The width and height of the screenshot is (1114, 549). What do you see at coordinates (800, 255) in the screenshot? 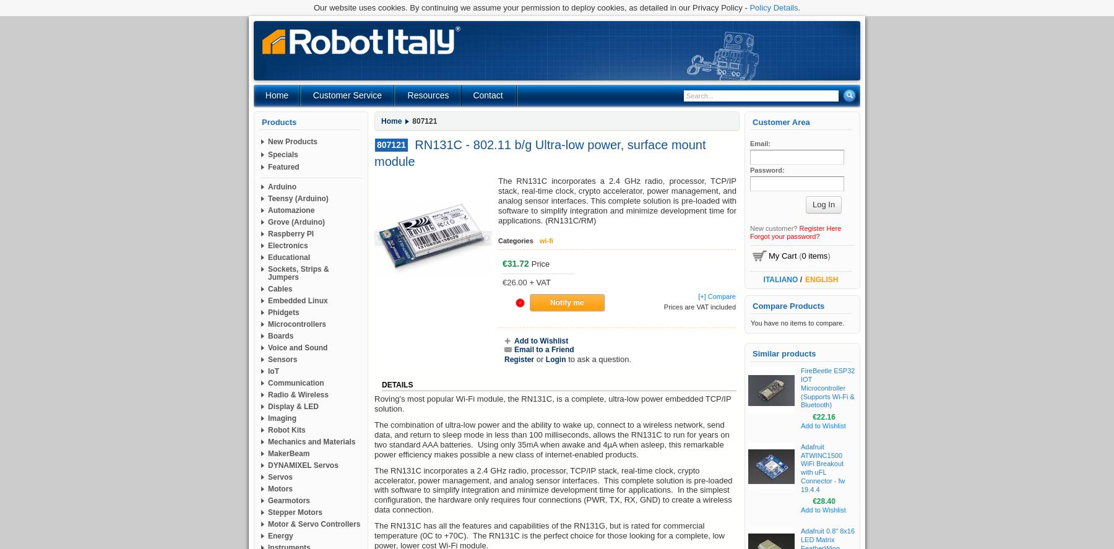
I see `'('` at bounding box center [800, 255].